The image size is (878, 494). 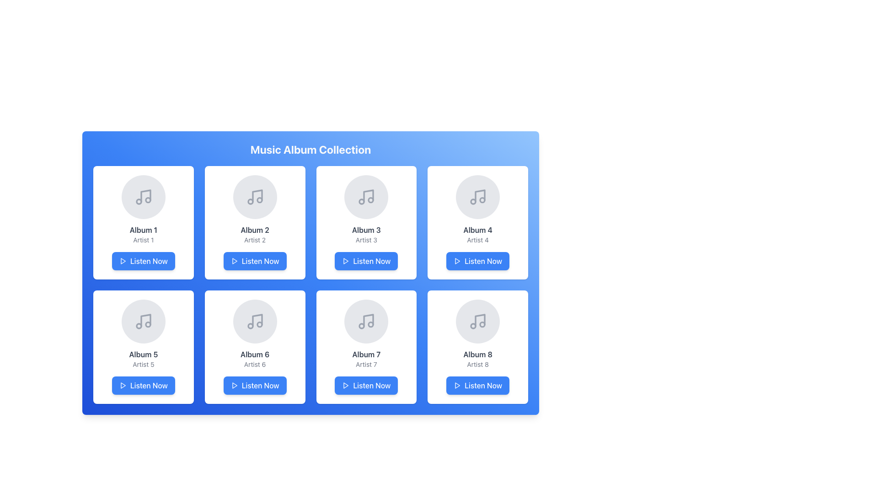 What do you see at coordinates (148, 199) in the screenshot?
I see `the circular decorative graphical element located in the first album thumbnail within the music note icon` at bounding box center [148, 199].